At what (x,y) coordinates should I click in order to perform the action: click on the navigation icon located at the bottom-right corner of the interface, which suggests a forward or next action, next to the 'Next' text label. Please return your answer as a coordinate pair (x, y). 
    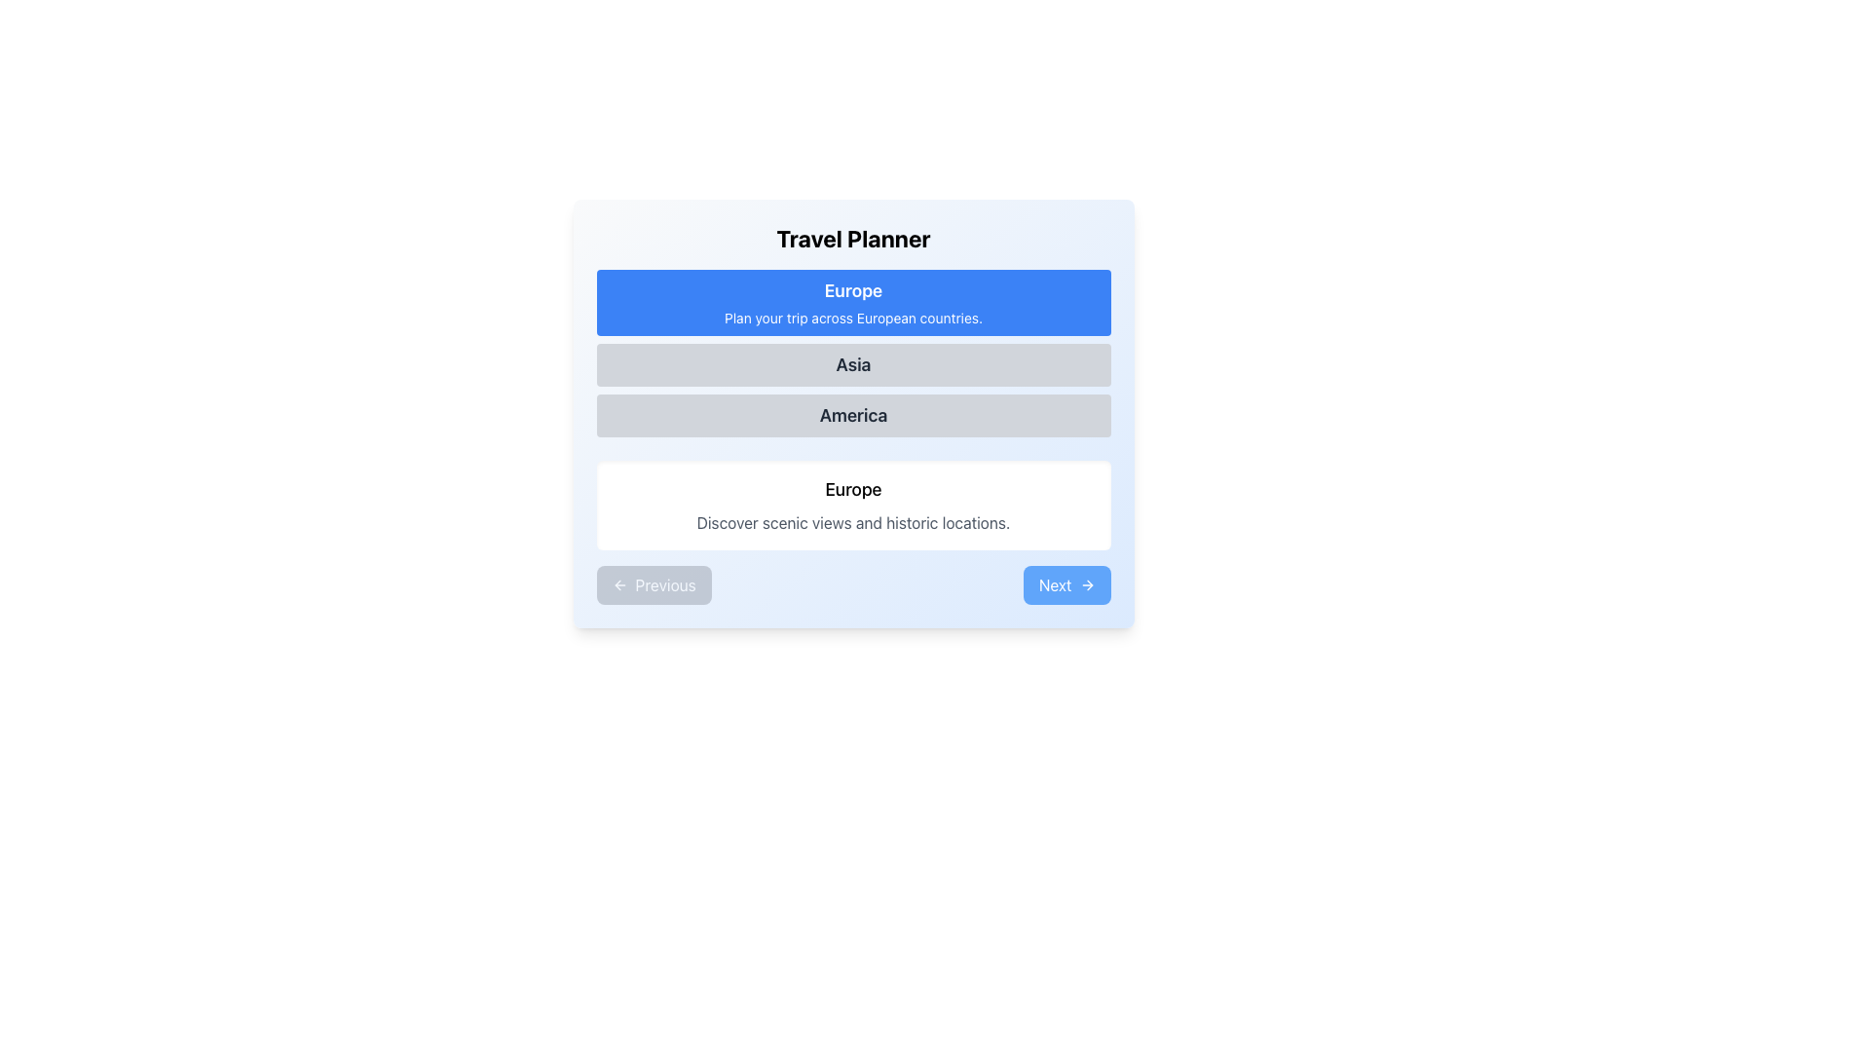
    Looking at the image, I should click on (1088, 584).